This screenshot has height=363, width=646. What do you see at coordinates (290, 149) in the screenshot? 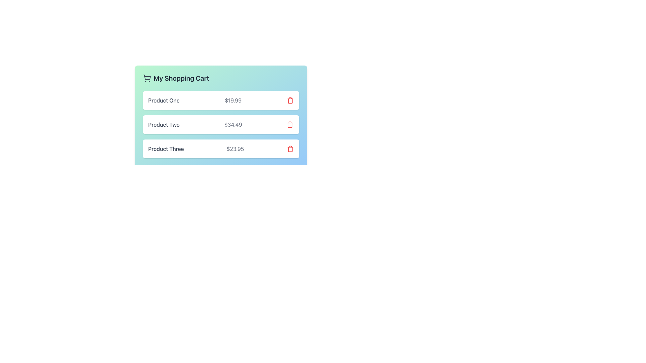
I see `the red trash can icon button associated with the delete functionality for 'Product Three'` at bounding box center [290, 149].